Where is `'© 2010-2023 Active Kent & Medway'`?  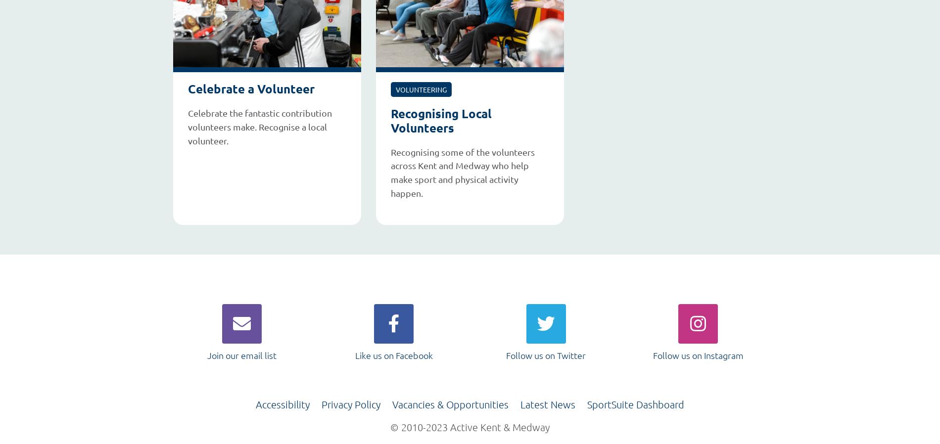 '© 2010-2023 Active Kent & Medway' is located at coordinates (470, 426).